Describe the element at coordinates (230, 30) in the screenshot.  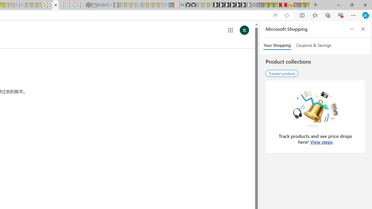
I see `'Class: gb_E'` at that location.